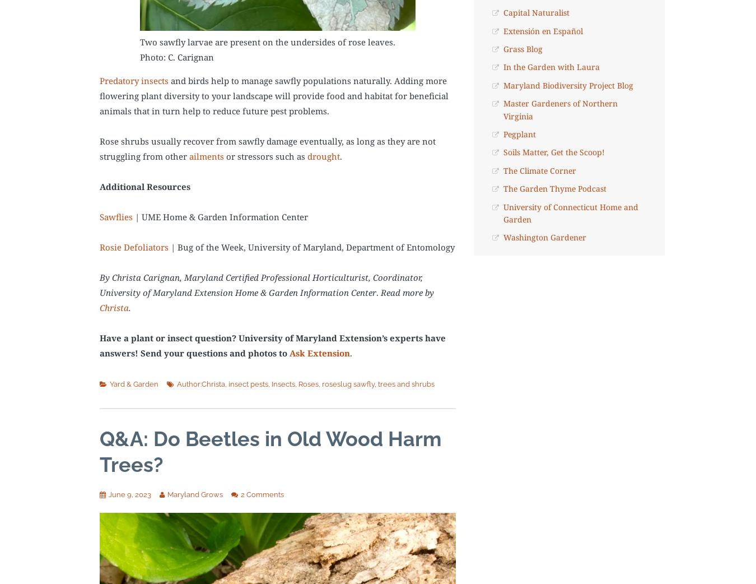 The width and height of the screenshot is (756, 584). Describe the element at coordinates (503, 67) in the screenshot. I see `'In the Garden with Laura'` at that location.